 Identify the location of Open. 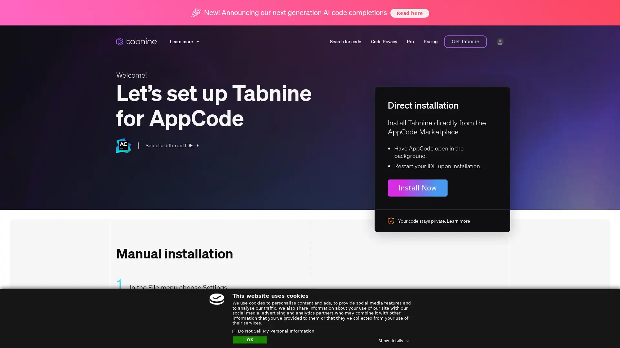
(601, 331).